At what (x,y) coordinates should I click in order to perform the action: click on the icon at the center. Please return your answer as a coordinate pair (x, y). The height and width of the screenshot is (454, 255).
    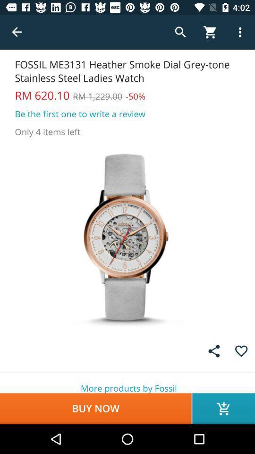
    Looking at the image, I should click on (127, 236).